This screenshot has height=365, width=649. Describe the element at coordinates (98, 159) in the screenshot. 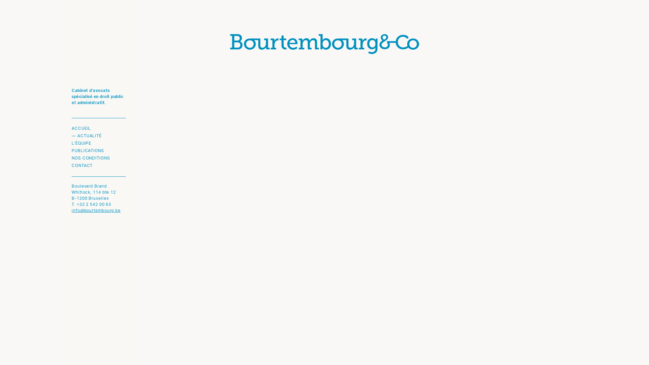

I see `'NOS CONDITIONS'` at that location.